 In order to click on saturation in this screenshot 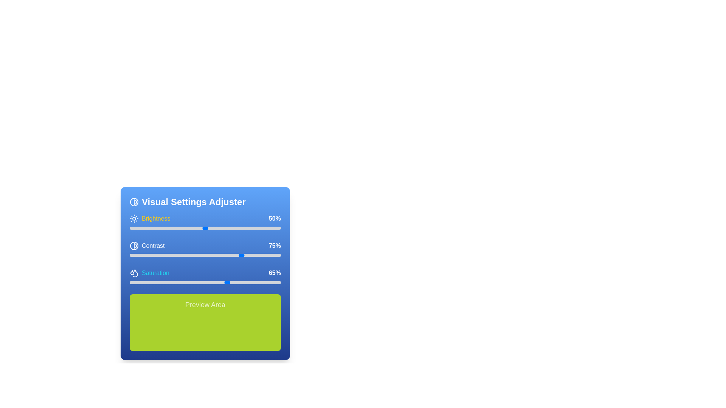, I will do `click(165, 283)`.